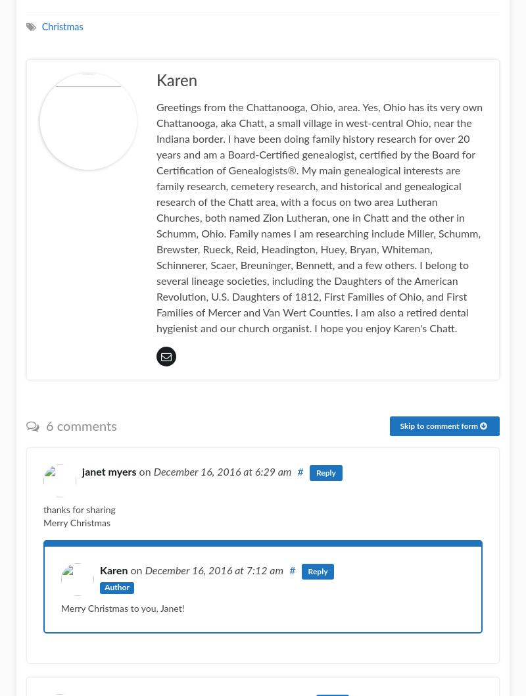 The height and width of the screenshot is (696, 526). What do you see at coordinates (320, 218) in the screenshot?
I see `'Greetings from the Chattanooga, Ohio, area. Yes, Ohio has its very own Chattanooga, aka Chatt, a small village in west-central Ohio, near the Indiana border. I have been doing family history research for over 20 years and am a Board-Certified genealogist, certified by the Board for Certification of Genealogists®. My main genealogical interests are family research, cemetery research, and historical and genealogical research of the Chatt area, with a focus on two area Lutheran Churches, both named Zion Lutheran, one in Chatt and the other in Schumm, Ohio. Family names I am researching include Miller, Schumm, Brewster, Rueck, Reid, Headington, Huey, Bryan, Whiteman, Schinnerer, Scaer, Breuninger, Bennett, and a few others. I belong to several lineage societies, including the Daughters of the American Revolution, U.S. Daughters of 1812, First Families of Ohio, and First Families of Mercer and Van Wert Counties. I am also a retired dental hygienist and our church organist. I hope you enjoy Karen's Chatt.'` at bounding box center [320, 218].